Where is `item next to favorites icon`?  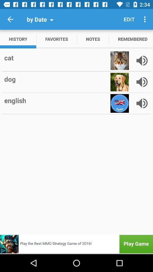 item next to favorites icon is located at coordinates (18, 39).